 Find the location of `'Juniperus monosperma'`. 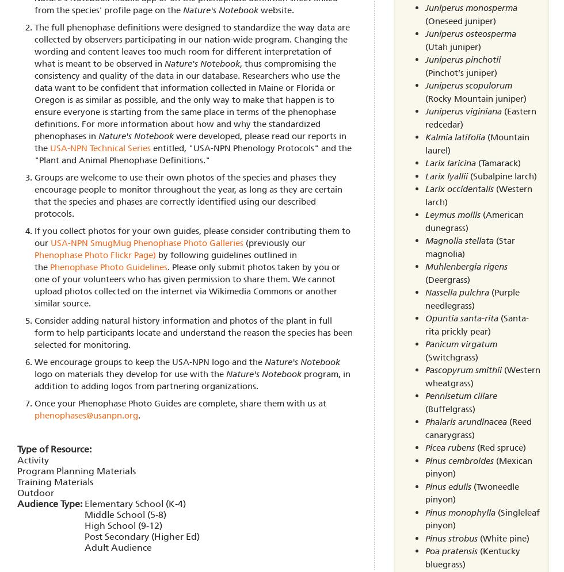

'Juniperus monosperma' is located at coordinates (471, 8).